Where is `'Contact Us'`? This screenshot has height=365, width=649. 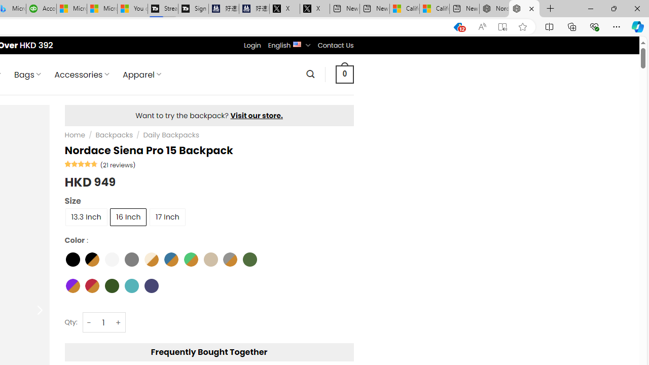 'Contact Us' is located at coordinates (335, 45).